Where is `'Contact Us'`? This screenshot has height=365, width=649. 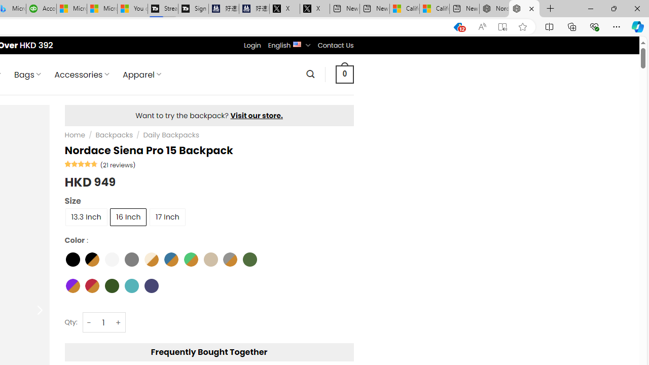 'Contact Us' is located at coordinates (335, 45).